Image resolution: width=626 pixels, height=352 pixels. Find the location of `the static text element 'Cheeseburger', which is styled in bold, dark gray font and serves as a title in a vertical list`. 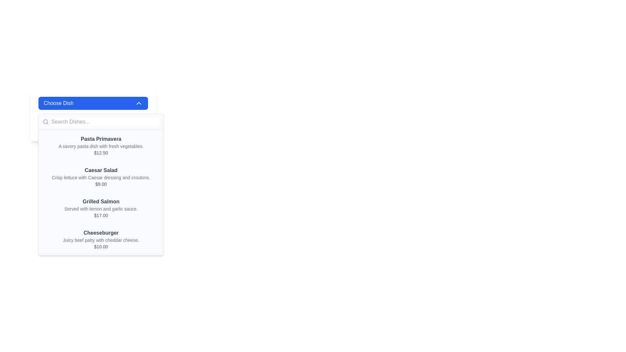

the static text element 'Cheeseburger', which is styled in bold, dark gray font and serves as a title in a vertical list is located at coordinates (101, 232).